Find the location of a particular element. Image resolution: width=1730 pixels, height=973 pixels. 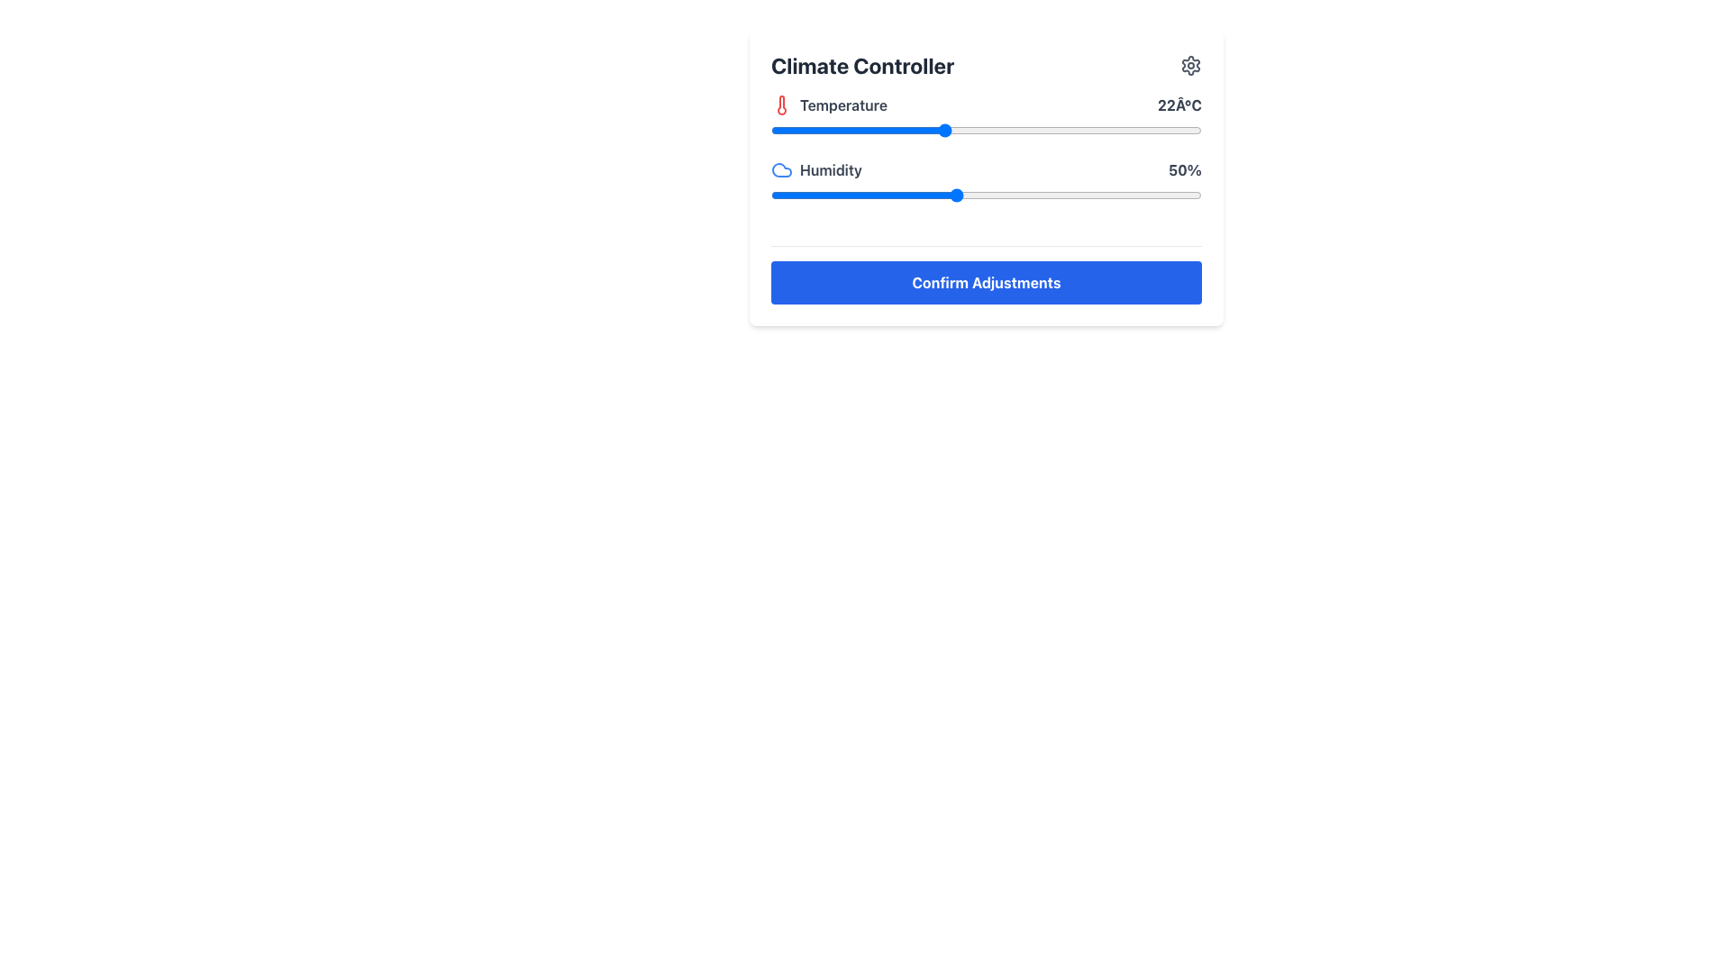

the cloud icon on the left side of the 'Humidity' label, which is styled in blue and represents a weather-related symbol is located at coordinates (815, 170).